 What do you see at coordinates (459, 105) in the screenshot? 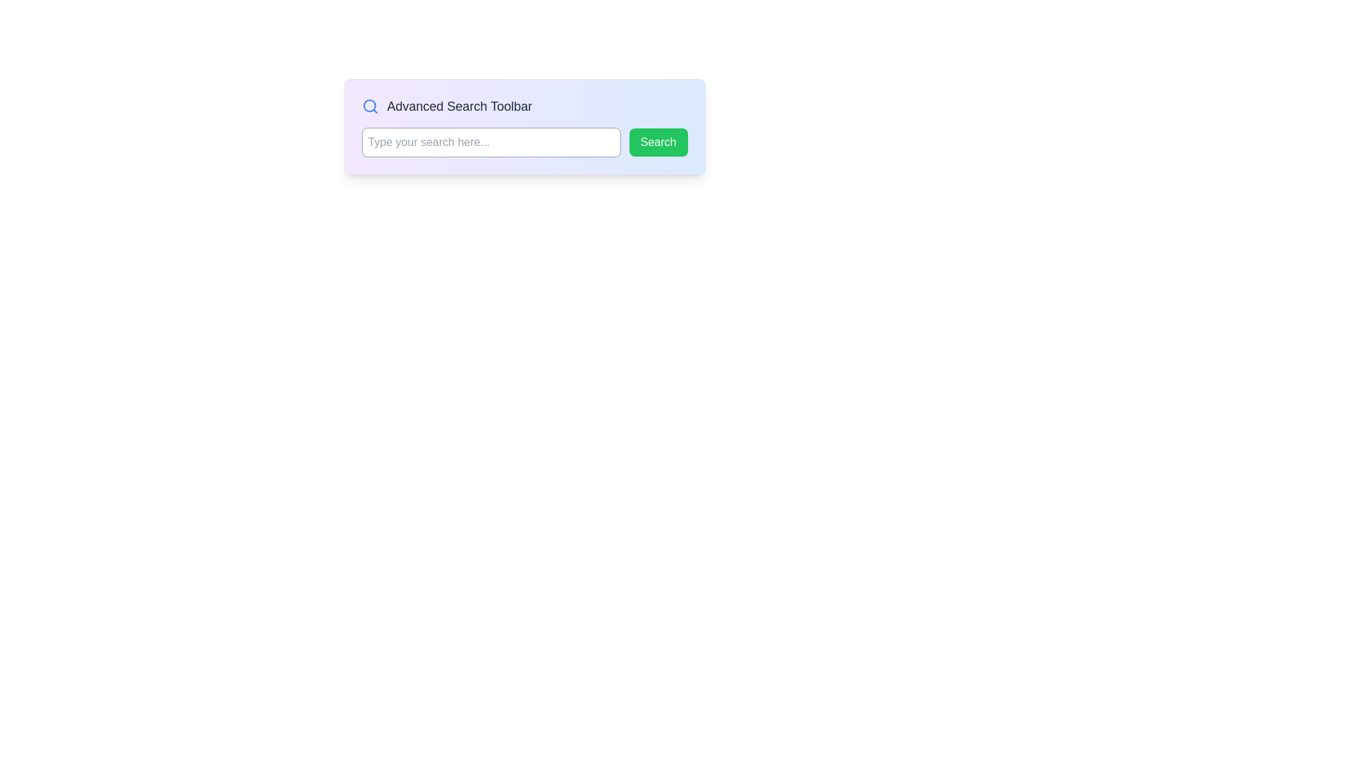
I see `the advanced search interface title text label located to the right of the magnifying glass icon` at bounding box center [459, 105].